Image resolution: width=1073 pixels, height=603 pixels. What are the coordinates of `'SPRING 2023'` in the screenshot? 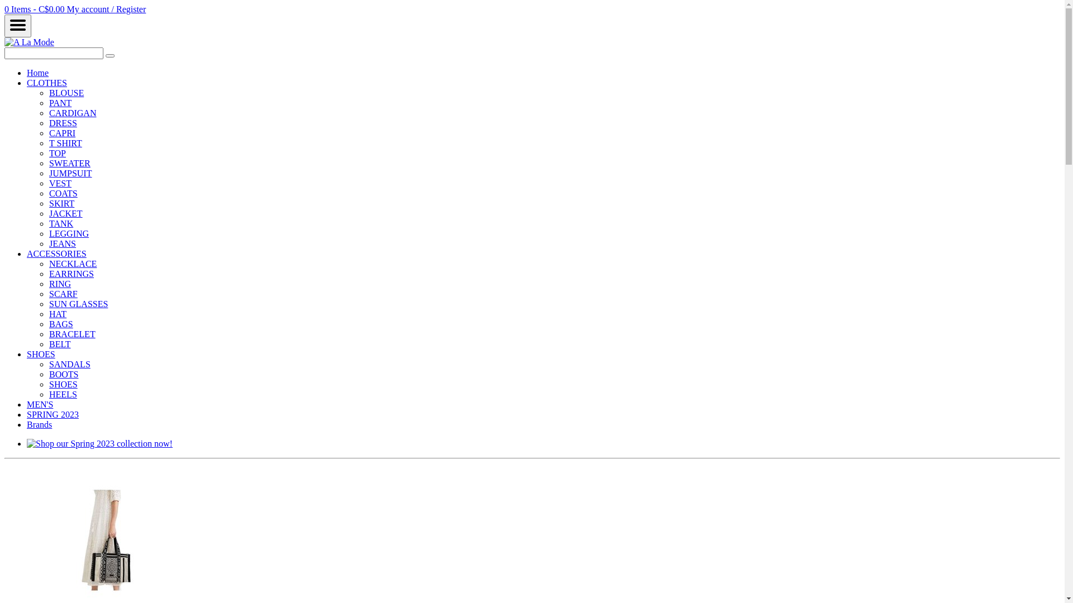 It's located at (52, 414).